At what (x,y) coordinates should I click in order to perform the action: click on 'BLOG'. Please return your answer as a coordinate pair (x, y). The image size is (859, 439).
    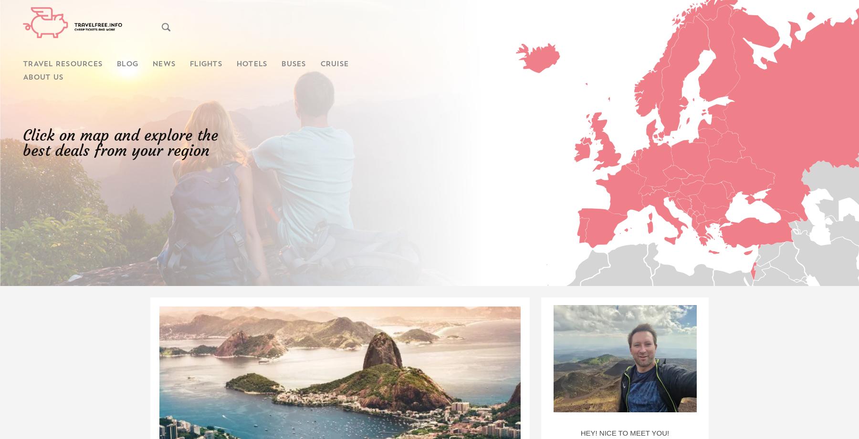
    Looking at the image, I should click on (126, 64).